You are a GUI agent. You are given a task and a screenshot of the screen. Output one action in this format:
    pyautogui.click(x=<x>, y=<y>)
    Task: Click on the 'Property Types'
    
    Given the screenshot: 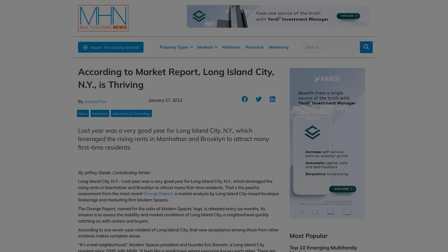 What is the action you would take?
    pyautogui.click(x=174, y=47)
    